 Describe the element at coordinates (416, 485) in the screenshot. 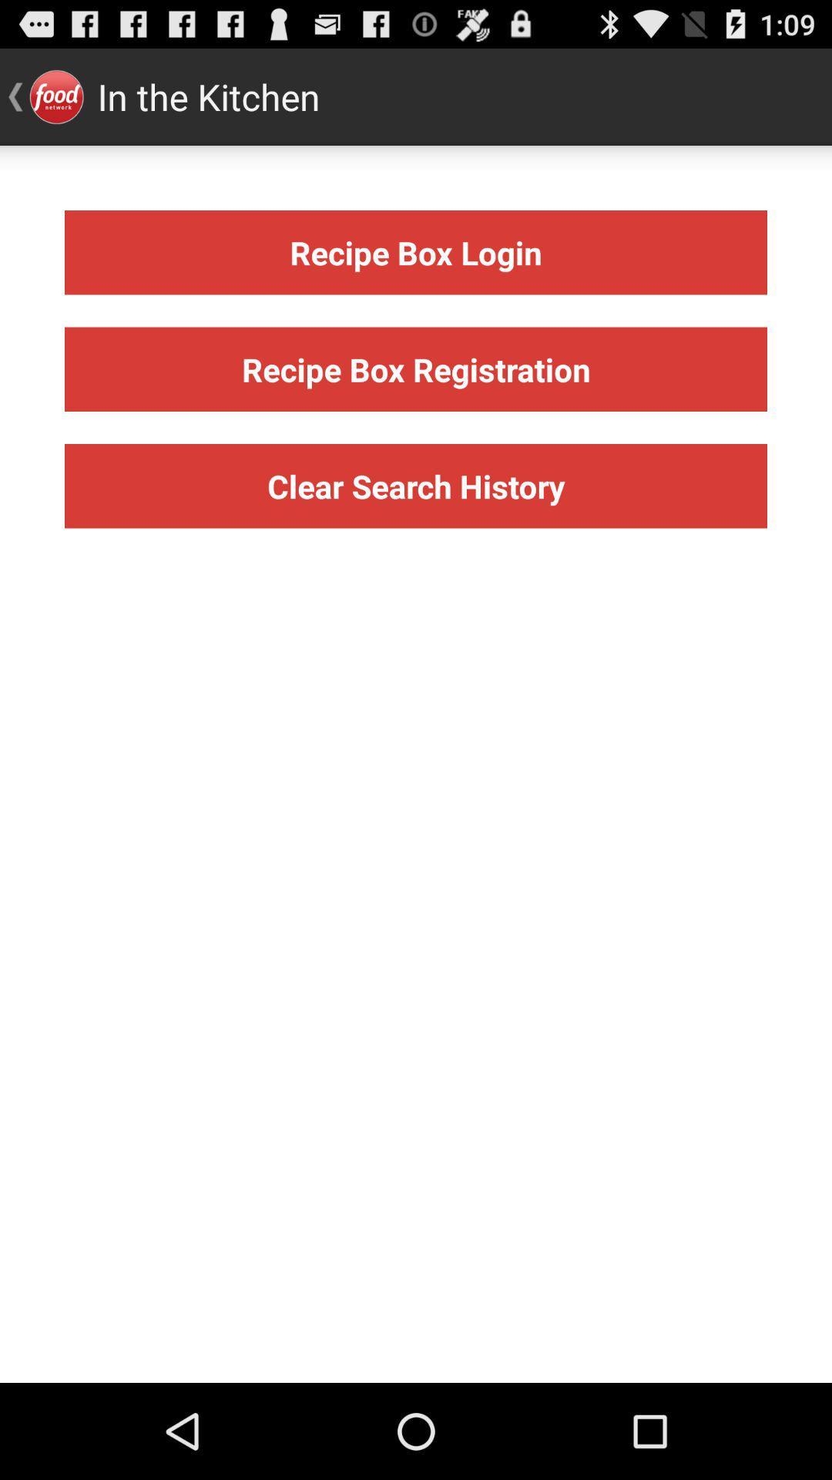

I see `the icon below the recipe box registration item` at that location.